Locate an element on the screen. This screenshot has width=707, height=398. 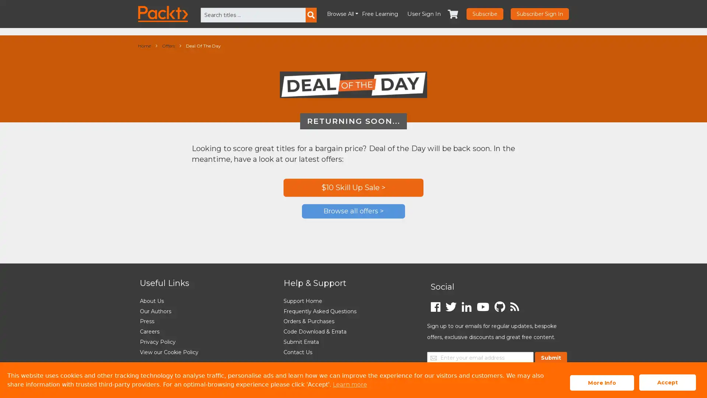
Subscribe is located at coordinates (485, 14).